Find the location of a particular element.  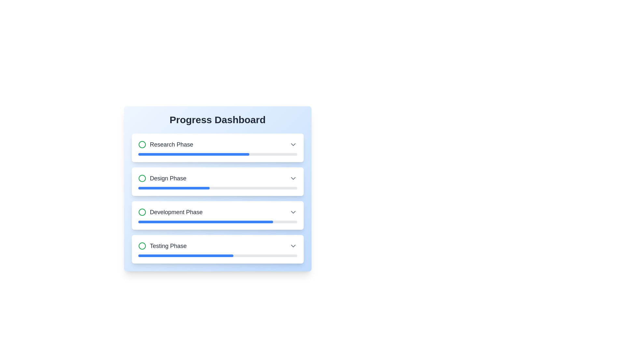

the Dropdown trigger icon (chevron) for the 'Design Phase' section to change its appearance is located at coordinates (293, 178).